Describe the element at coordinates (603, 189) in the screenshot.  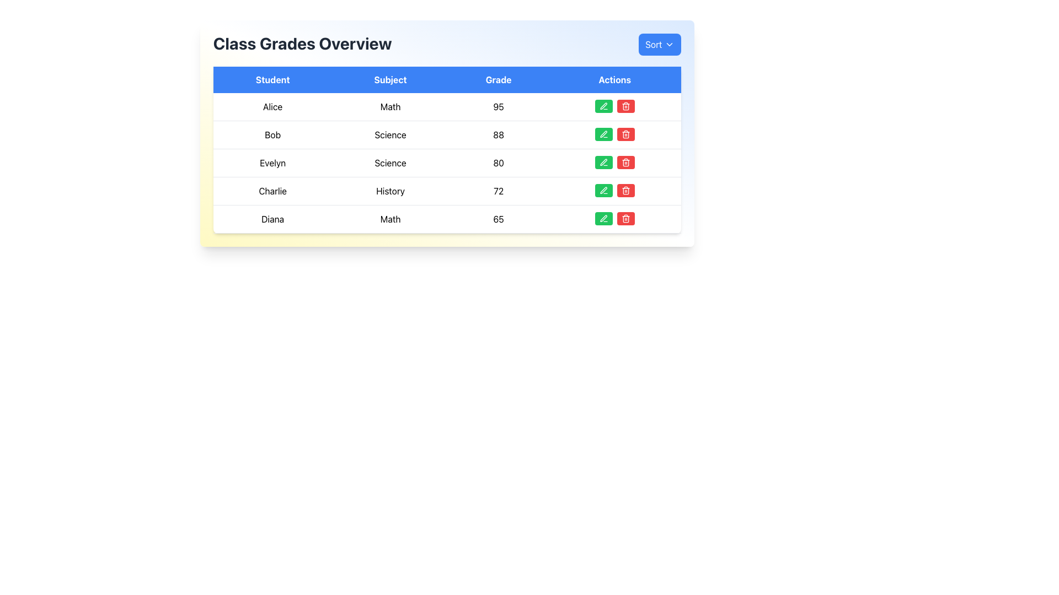
I see `the pen edit icon located in the 'Actions' column of the table for the row associated with the subject History and grade 72 to invoke the edit functionality` at that location.